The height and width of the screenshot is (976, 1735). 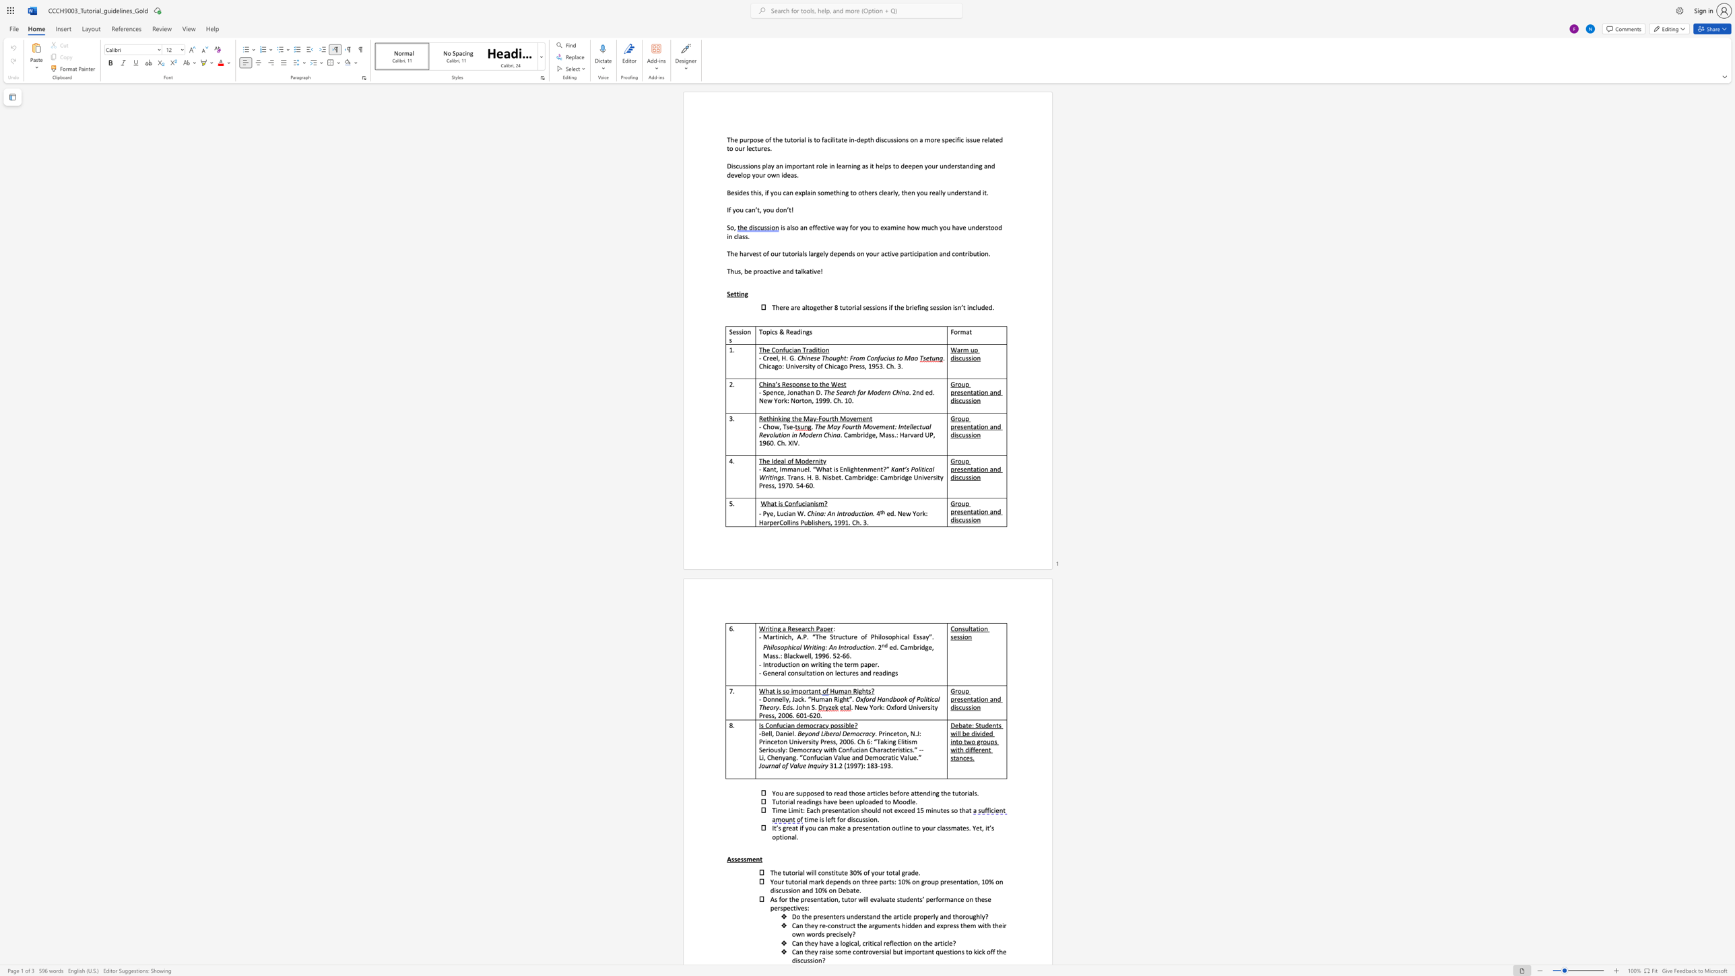 What do you see at coordinates (846, 765) in the screenshot?
I see `the subset text "1997" within the text "31.2 (1997): 183-193."` at bounding box center [846, 765].